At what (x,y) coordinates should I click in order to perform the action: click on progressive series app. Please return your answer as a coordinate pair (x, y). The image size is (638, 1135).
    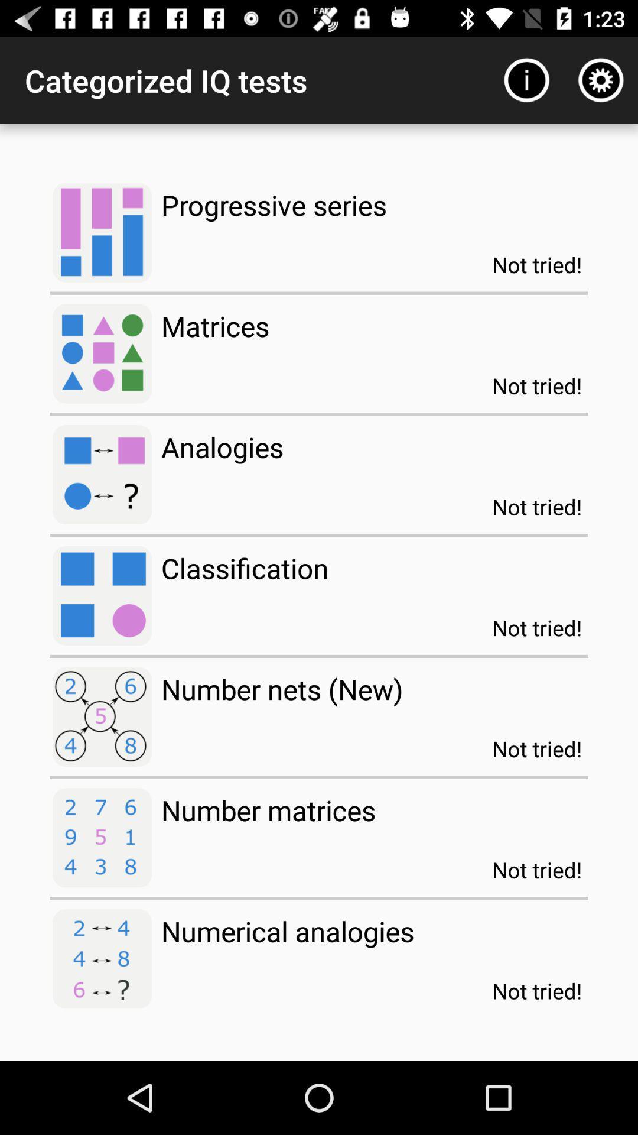
    Looking at the image, I should click on (274, 205).